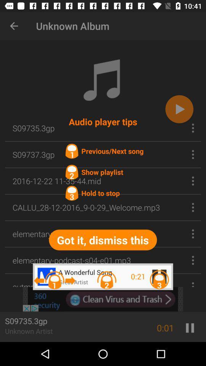  I want to click on the button got it dismiss this, so click(103, 239).